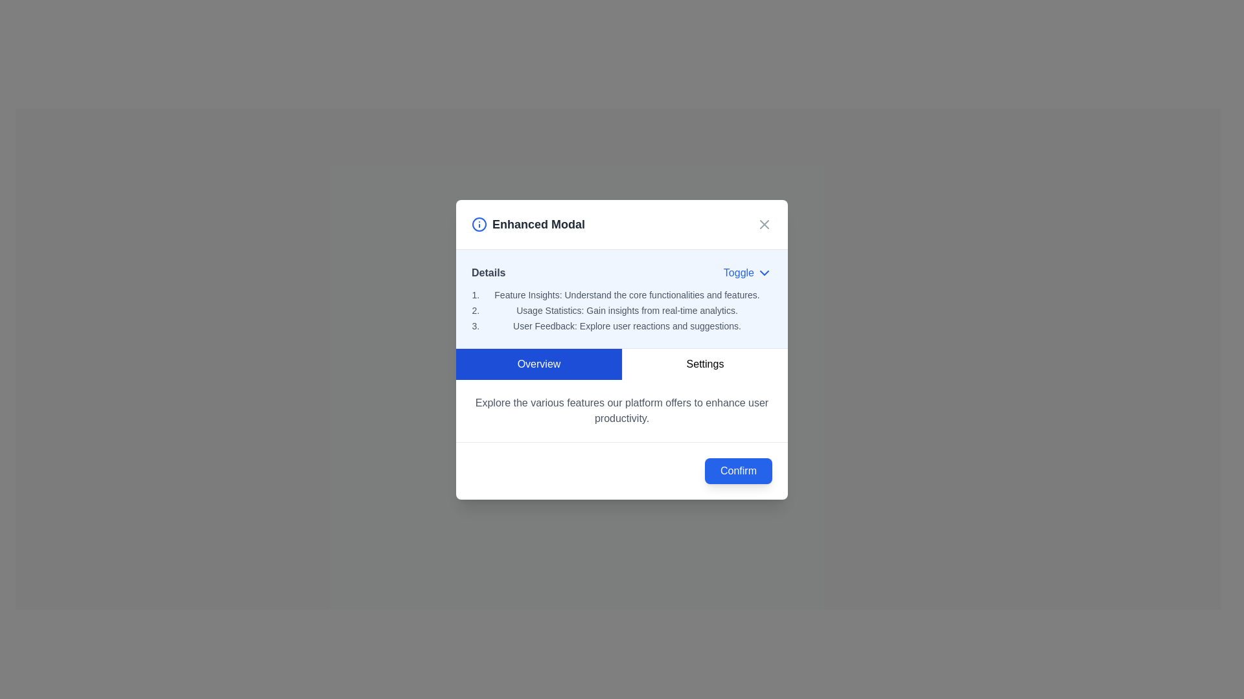 The width and height of the screenshot is (1244, 699). What do you see at coordinates (765, 272) in the screenshot?
I see `the downward-facing chevron icon located to the right of the 'Toggle' text label` at bounding box center [765, 272].